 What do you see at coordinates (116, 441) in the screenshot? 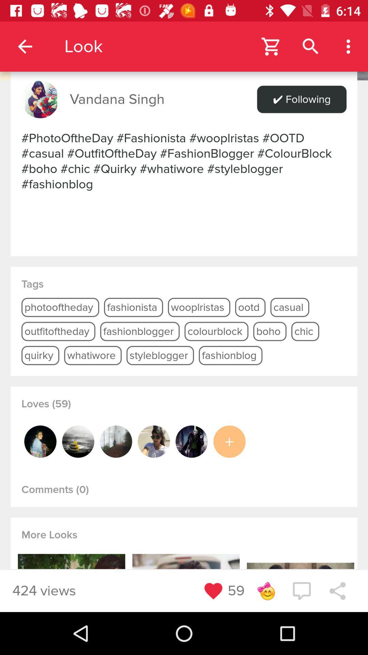
I see `click profile` at bounding box center [116, 441].